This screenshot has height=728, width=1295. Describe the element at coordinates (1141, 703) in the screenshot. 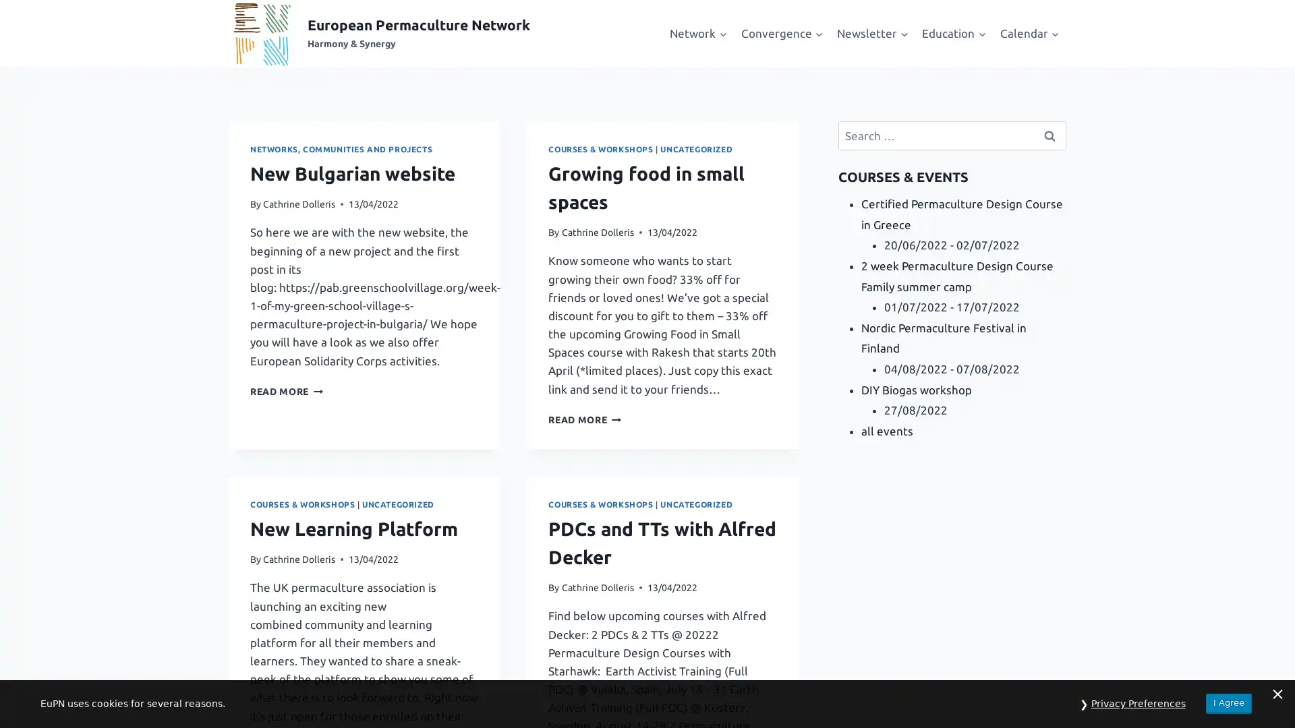

I see `Privacy Preferences` at that location.